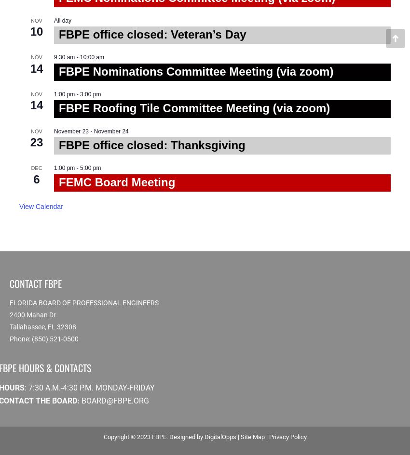  I want to click on 'FEMC Board Meeting', so click(58, 181).